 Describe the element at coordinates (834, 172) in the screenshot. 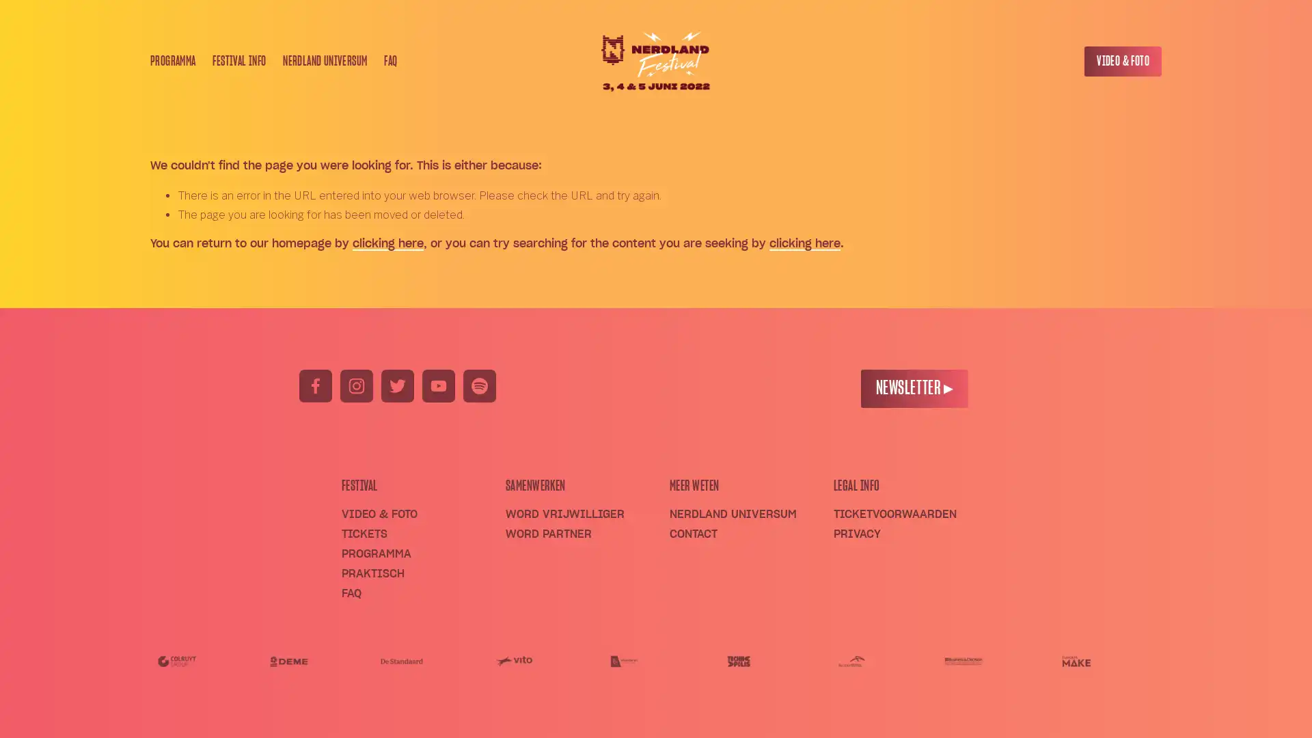

I see `Close` at that location.